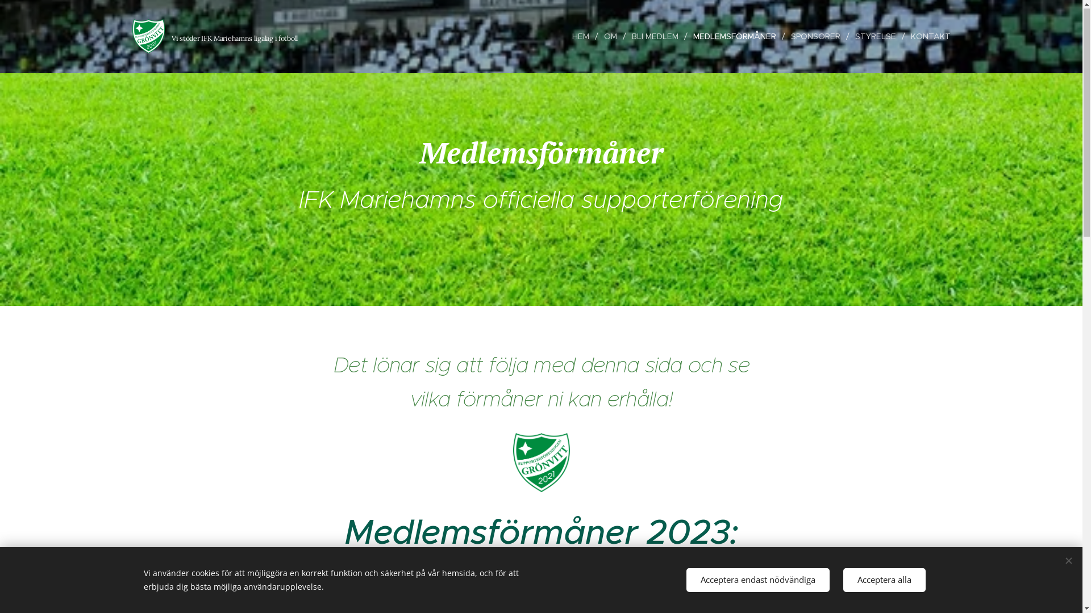  Describe the element at coordinates (927, 36) in the screenshot. I see `'KONTAKT'` at that location.